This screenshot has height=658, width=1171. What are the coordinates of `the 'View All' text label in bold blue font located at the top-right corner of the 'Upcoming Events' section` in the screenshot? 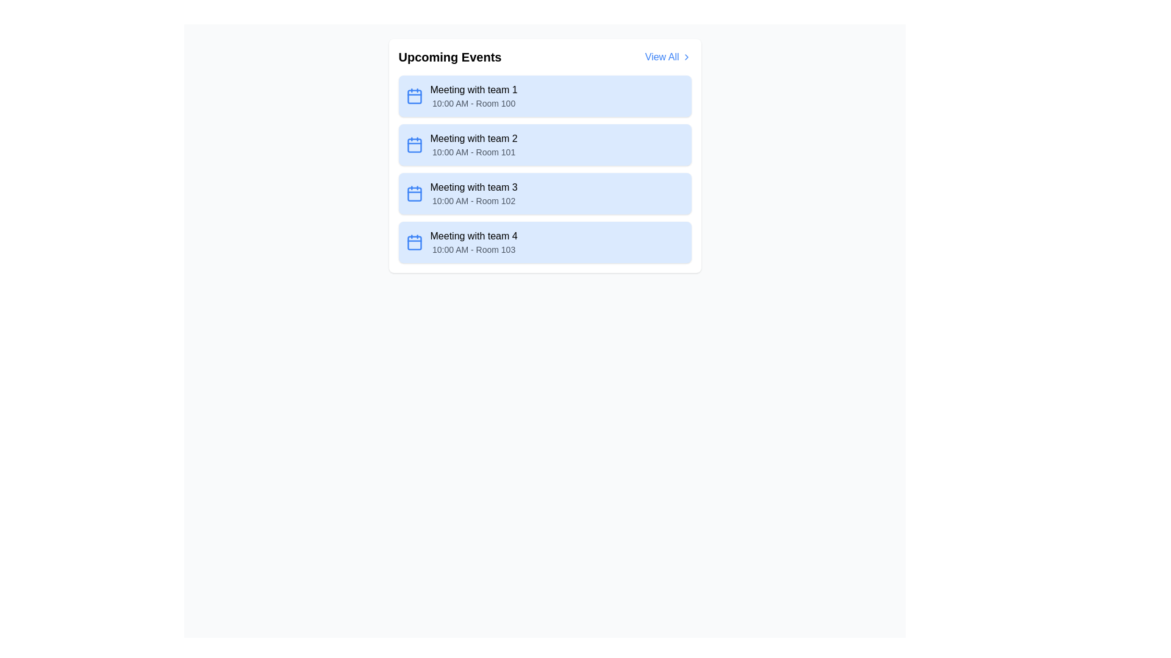 It's located at (661, 57).